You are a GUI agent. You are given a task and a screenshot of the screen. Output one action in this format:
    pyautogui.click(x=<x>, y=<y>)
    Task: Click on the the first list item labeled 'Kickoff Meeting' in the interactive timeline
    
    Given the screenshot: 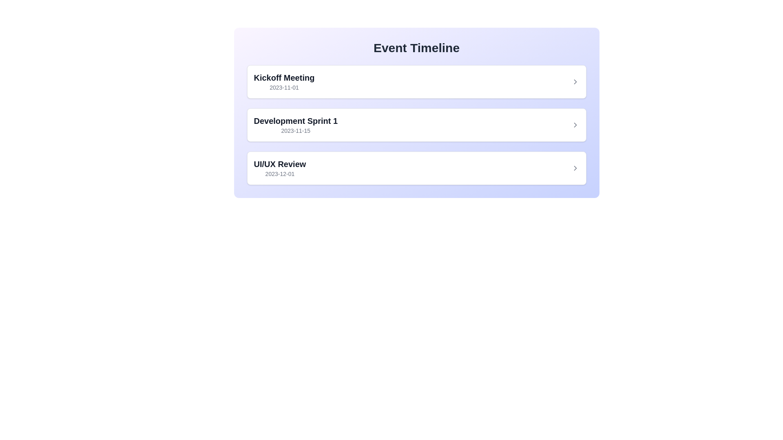 What is the action you would take?
    pyautogui.click(x=416, y=81)
    